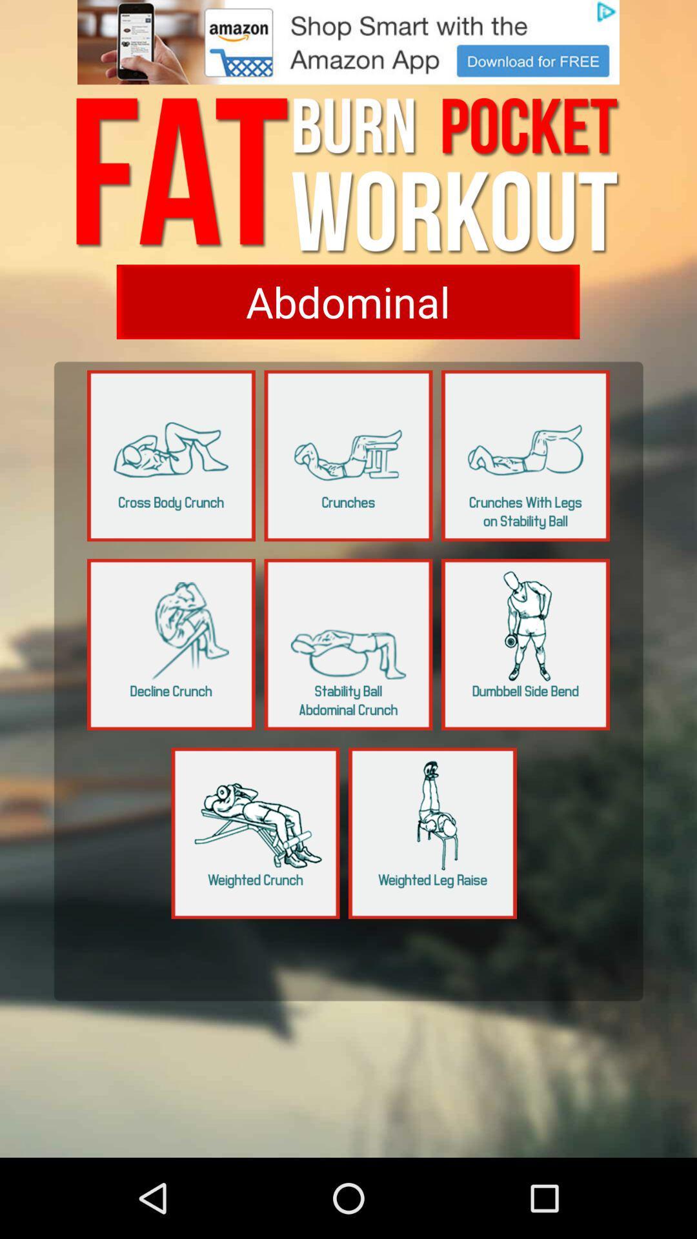 This screenshot has width=697, height=1239. Describe the element at coordinates (170, 644) in the screenshot. I see `choose your choice` at that location.